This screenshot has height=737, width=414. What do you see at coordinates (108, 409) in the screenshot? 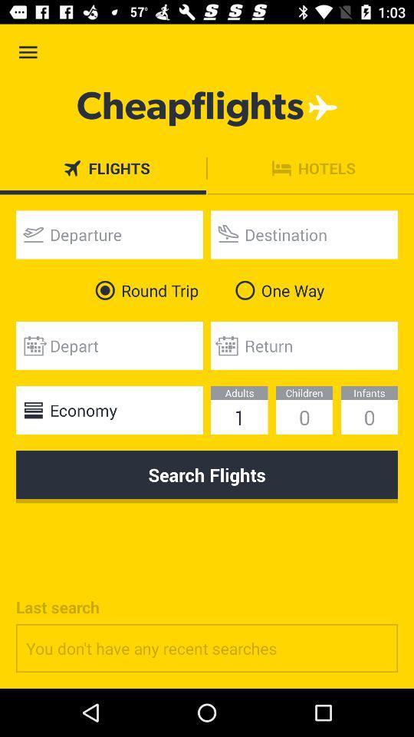
I see `the economy item` at bounding box center [108, 409].